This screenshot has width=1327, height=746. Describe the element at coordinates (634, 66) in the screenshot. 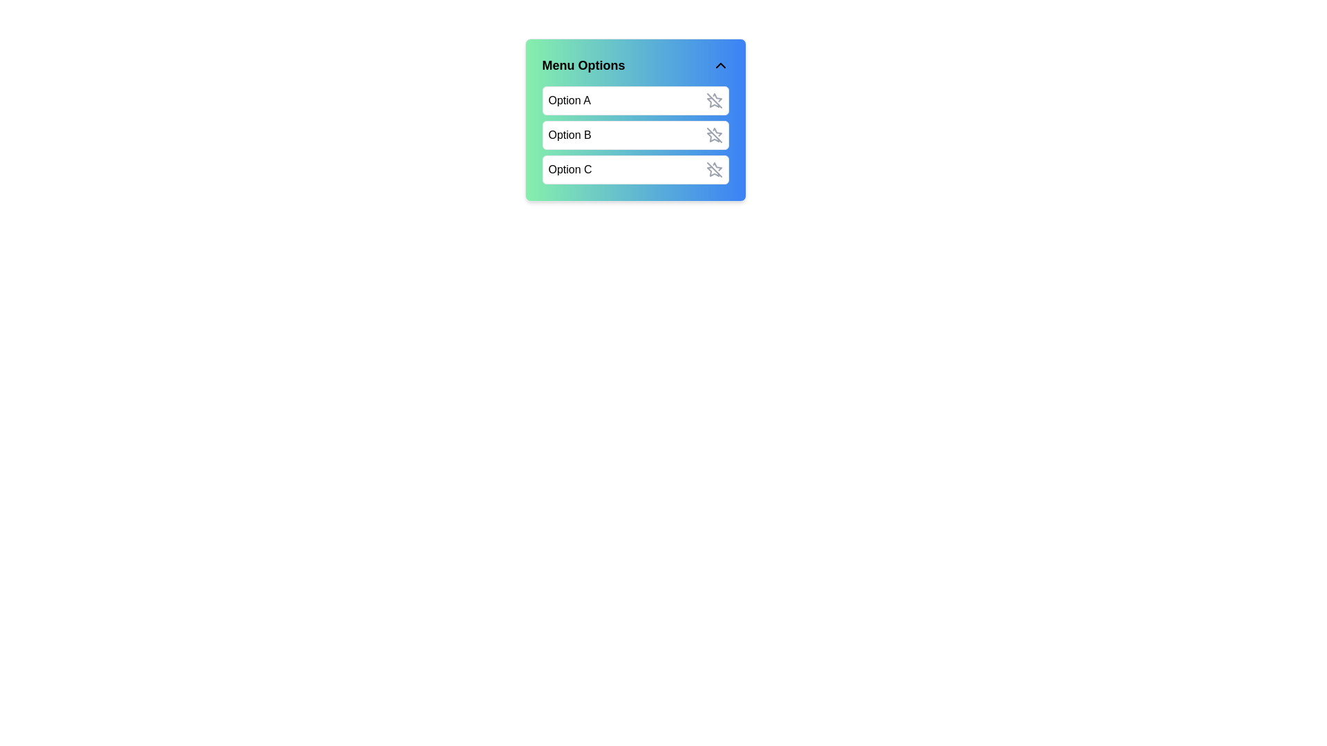

I see `the menu header to collapse the dropdown menu` at that location.